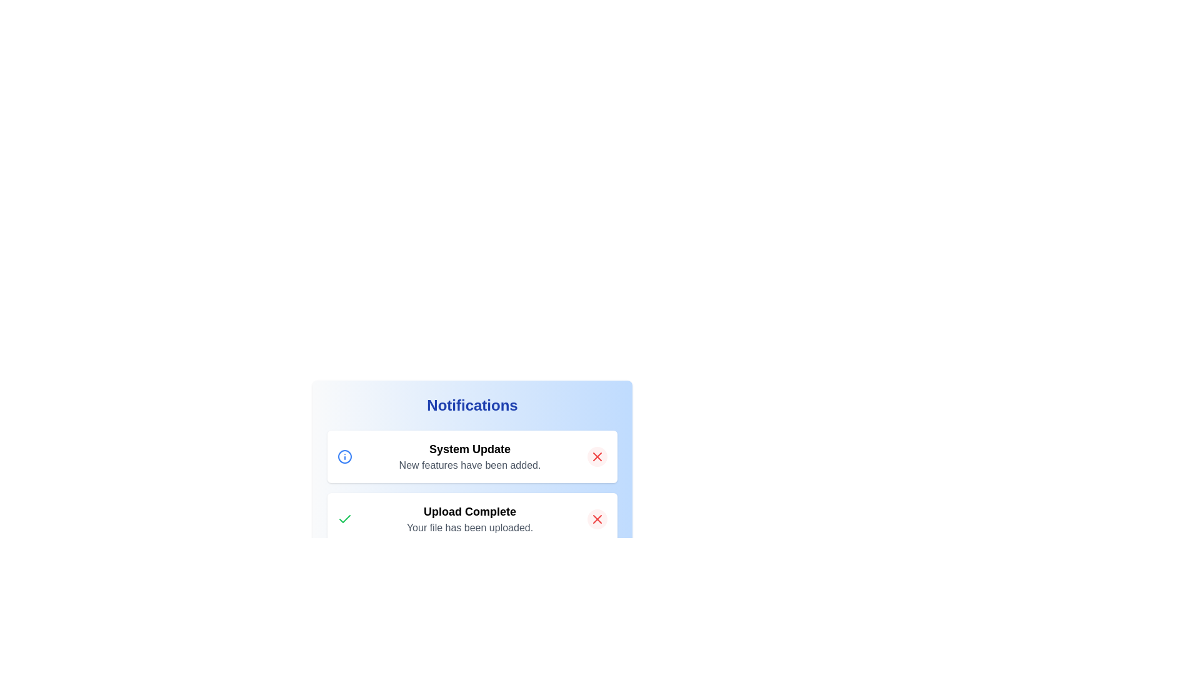  I want to click on the informational icon located on the left side of the 'System Update' notification entry, which serves to indicate an informational state within the notification interface, so click(345, 457).